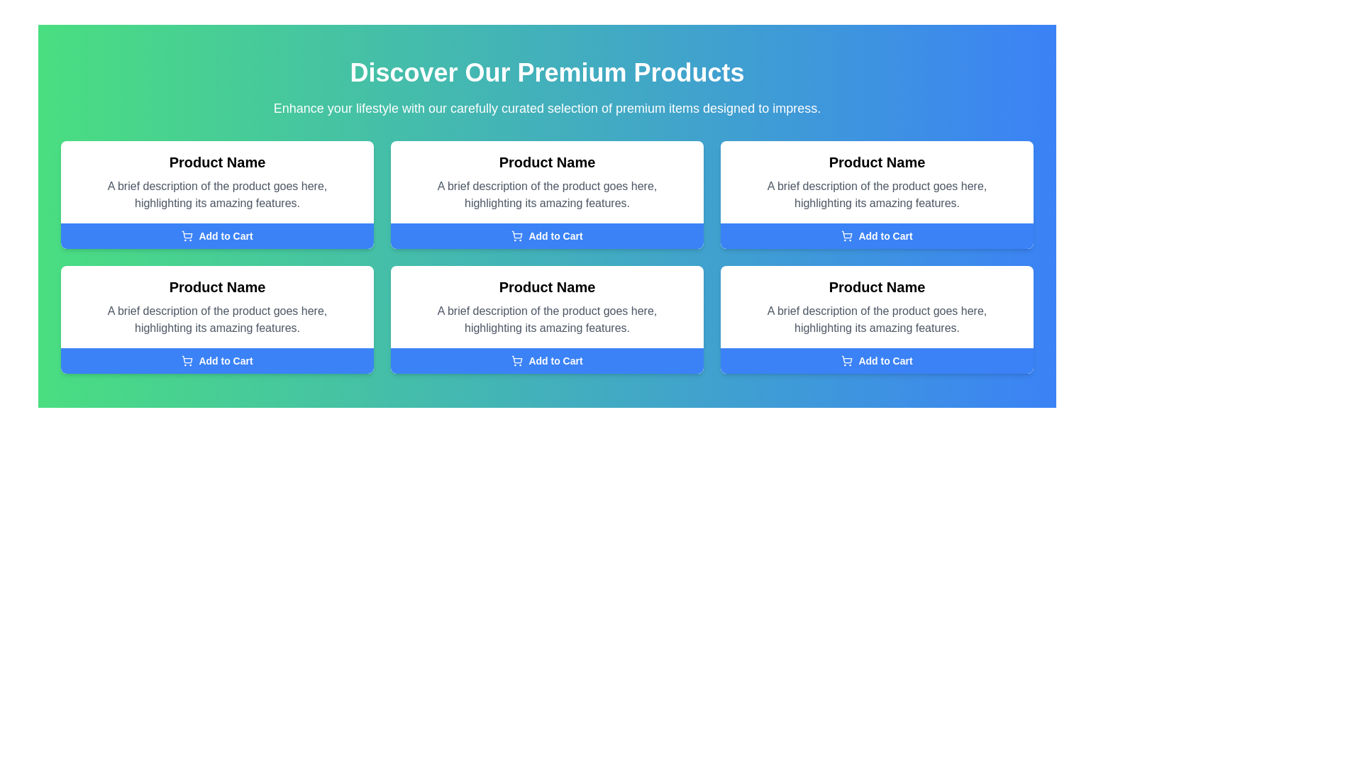 The width and height of the screenshot is (1362, 766). Describe the element at coordinates (546, 360) in the screenshot. I see `the 'Add to Cart' button with a vivid blue background and white text` at that location.